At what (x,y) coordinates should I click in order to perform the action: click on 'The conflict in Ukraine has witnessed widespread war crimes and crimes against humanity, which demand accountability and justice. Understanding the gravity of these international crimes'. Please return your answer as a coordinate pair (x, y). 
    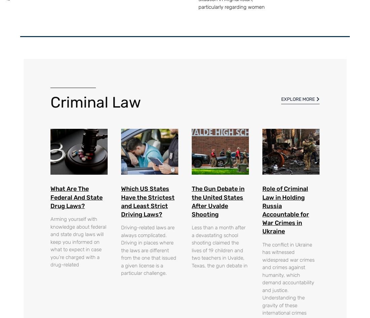
    Looking at the image, I should click on (288, 278).